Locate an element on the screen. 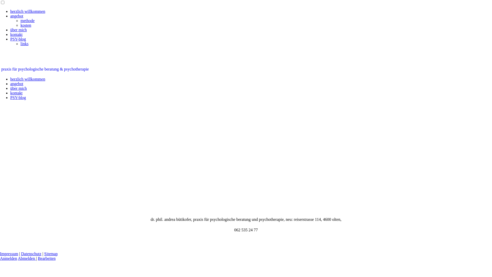 This screenshot has height=277, width=492. 'kosten' is located at coordinates (20, 25).